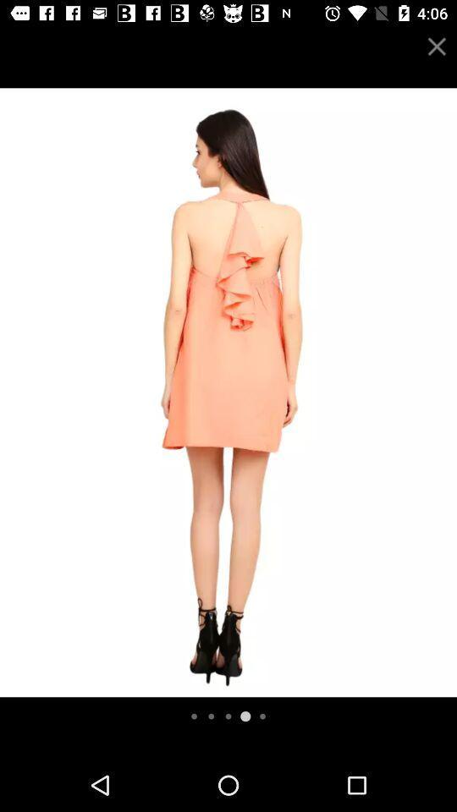 The image size is (457, 812). What do you see at coordinates (437, 46) in the screenshot?
I see `the close icon` at bounding box center [437, 46].